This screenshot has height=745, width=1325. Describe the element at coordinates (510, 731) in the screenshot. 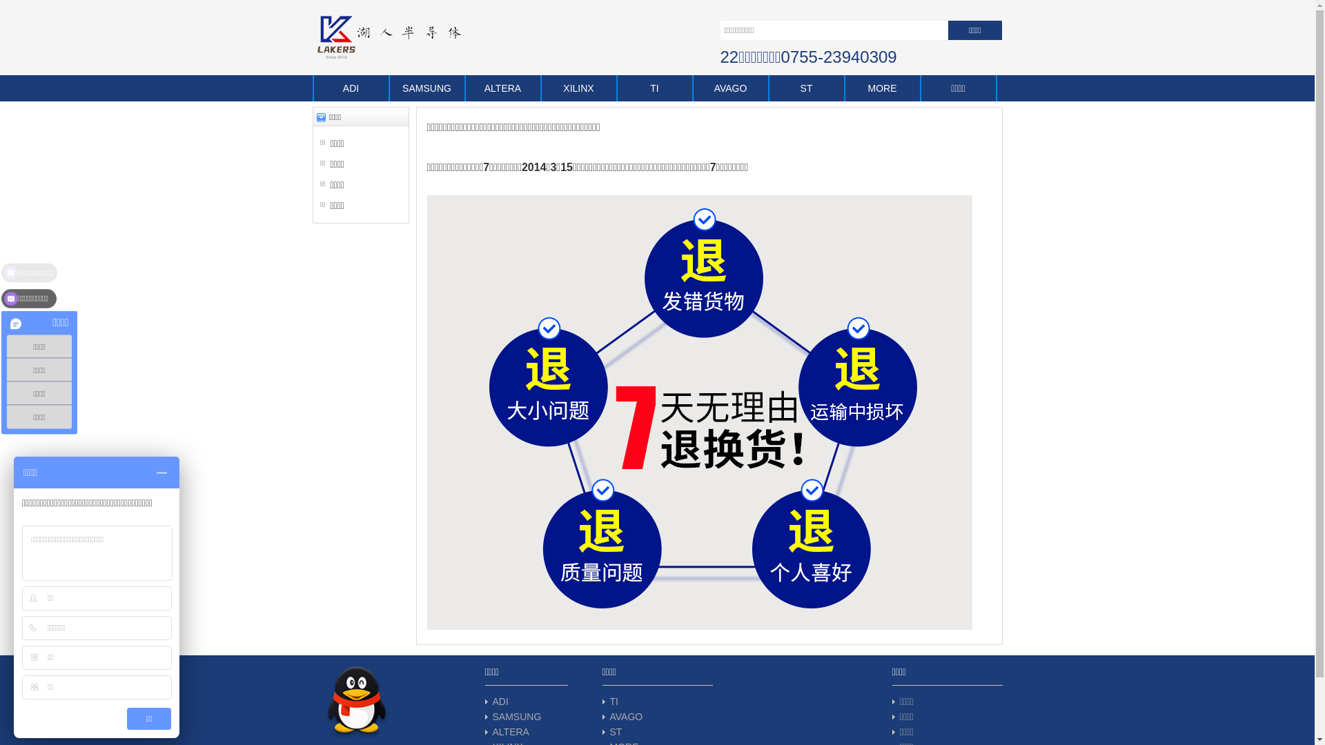

I see `'ALTERA'` at that location.